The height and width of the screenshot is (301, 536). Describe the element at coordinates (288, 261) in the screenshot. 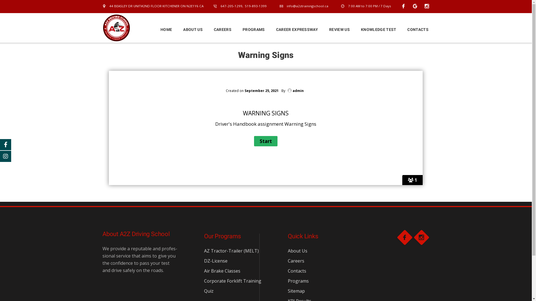

I see `'Careers'` at that location.